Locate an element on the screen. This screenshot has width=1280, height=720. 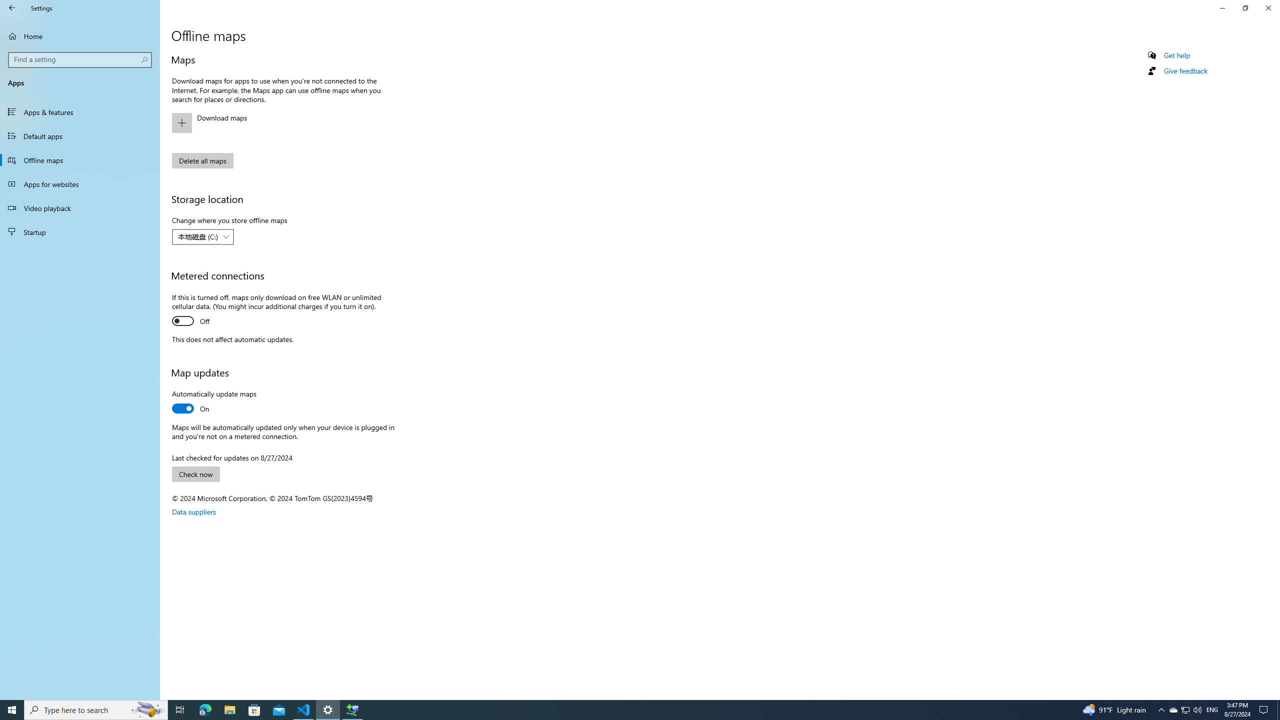
'Delete all maps' is located at coordinates (201, 160).